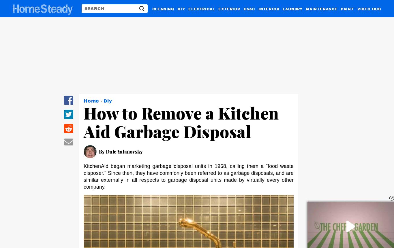  Describe the element at coordinates (188, 176) in the screenshot. I see `'KitchenAid began marketing garbage disposal units in 1968, calling them a "food waste disposer." Since then, they have commonly been referred to as garbage disposals, and are similar externally in all respects to garbage disposal units made by virtually every other company.'` at that location.